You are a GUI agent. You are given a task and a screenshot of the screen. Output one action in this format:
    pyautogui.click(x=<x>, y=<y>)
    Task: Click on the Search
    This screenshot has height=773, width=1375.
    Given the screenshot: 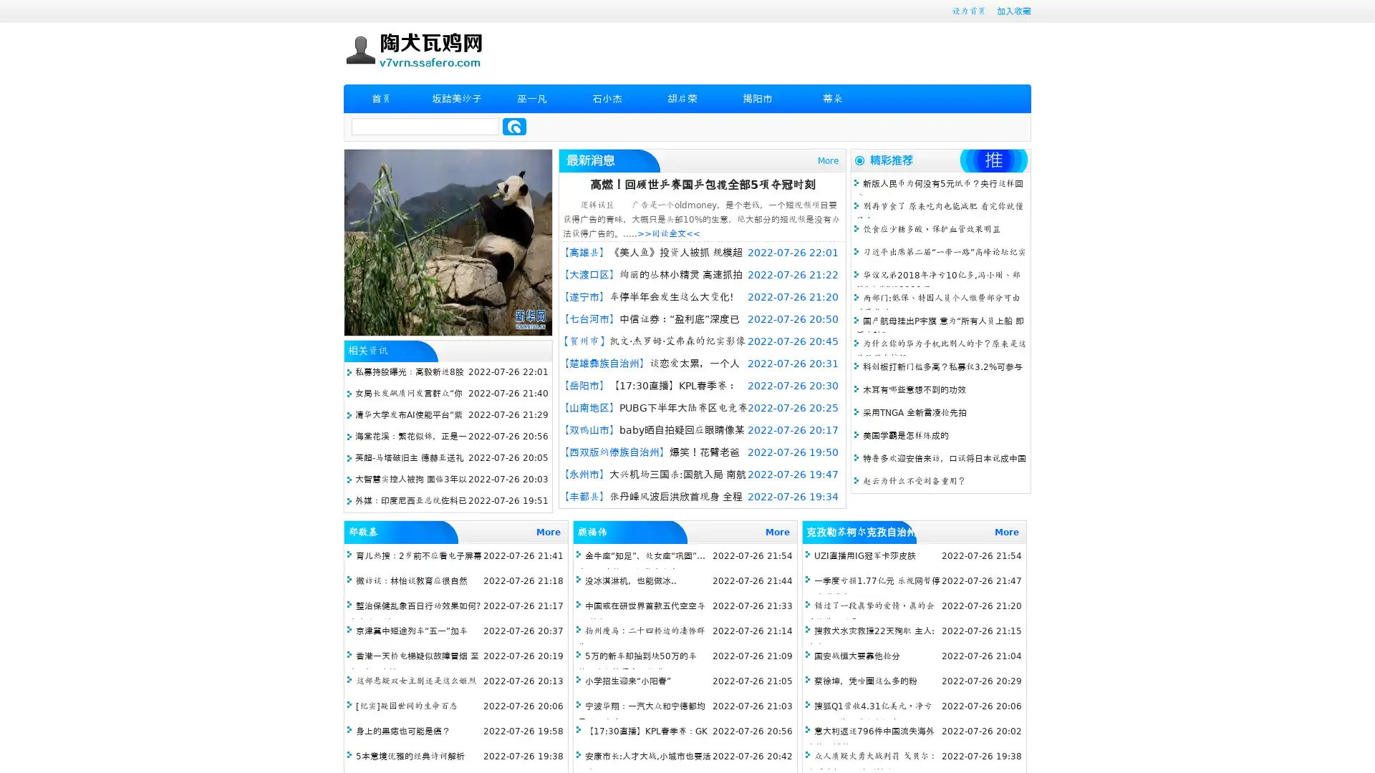 What is the action you would take?
    pyautogui.click(x=514, y=126)
    